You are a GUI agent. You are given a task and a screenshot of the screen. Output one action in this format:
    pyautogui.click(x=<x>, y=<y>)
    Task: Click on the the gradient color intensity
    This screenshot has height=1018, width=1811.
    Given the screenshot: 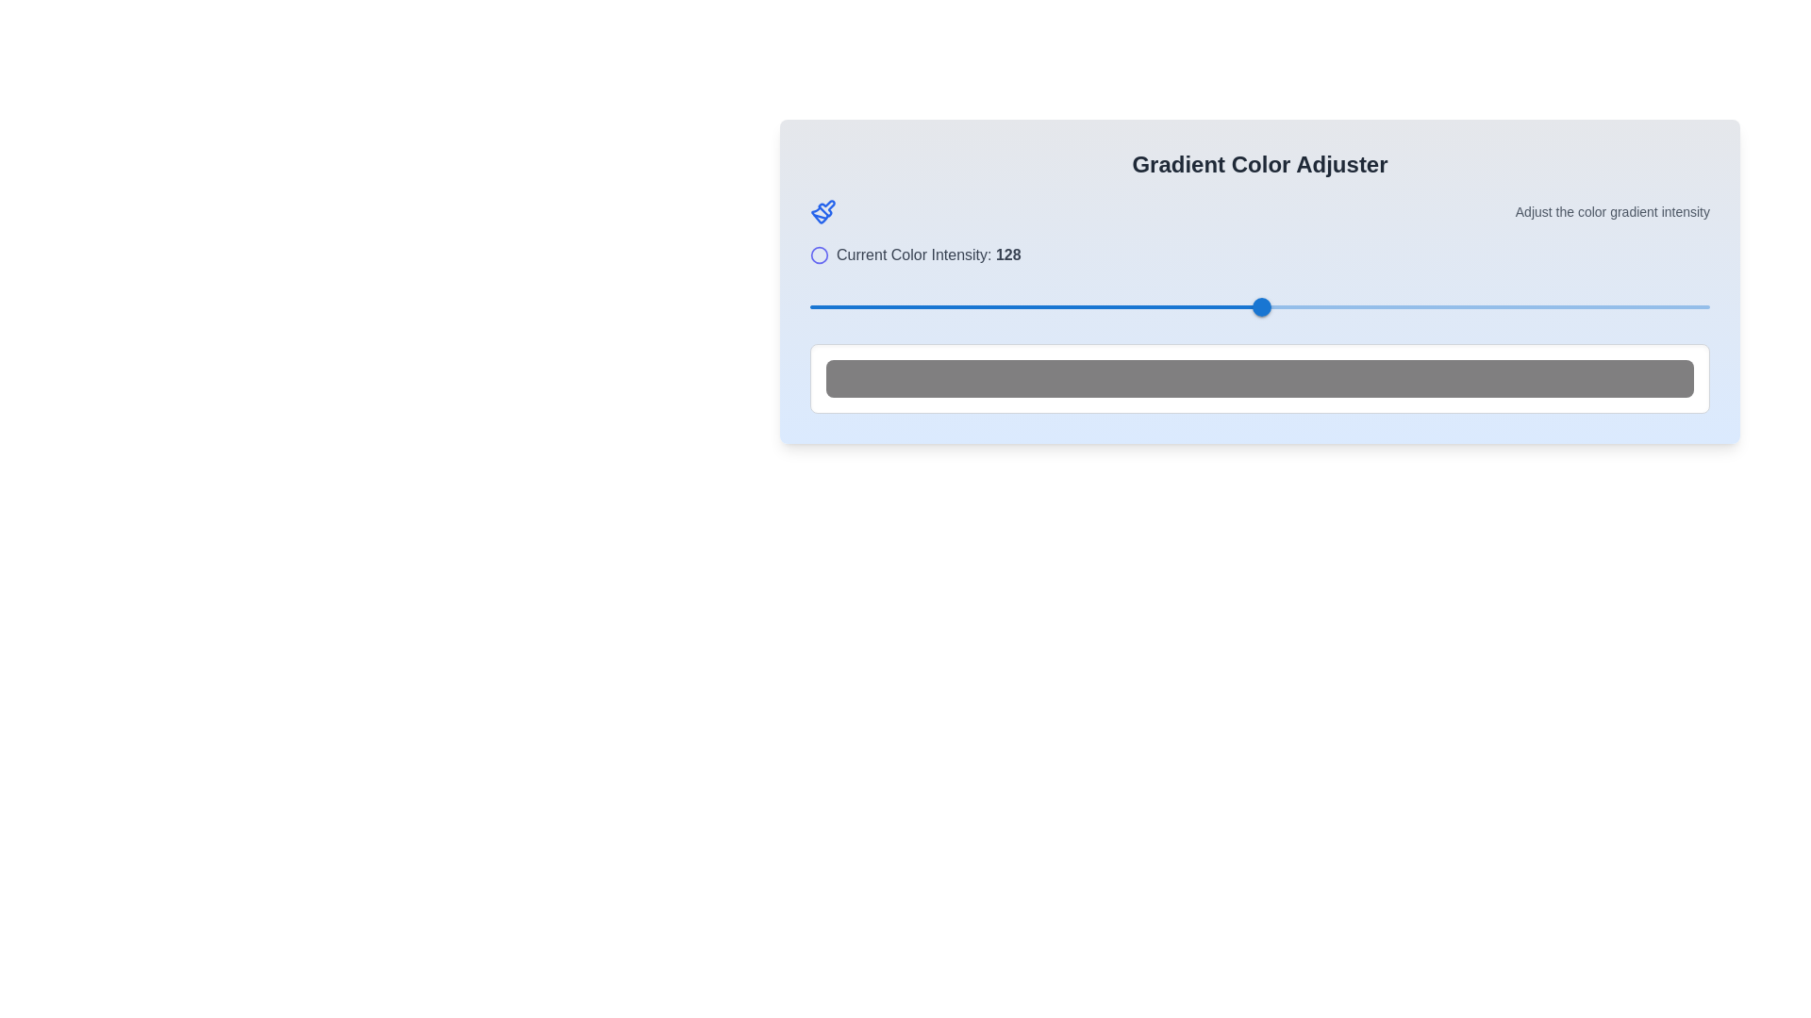 What is the action you would take?
    pyautogui.click(x=972, y=306)
    